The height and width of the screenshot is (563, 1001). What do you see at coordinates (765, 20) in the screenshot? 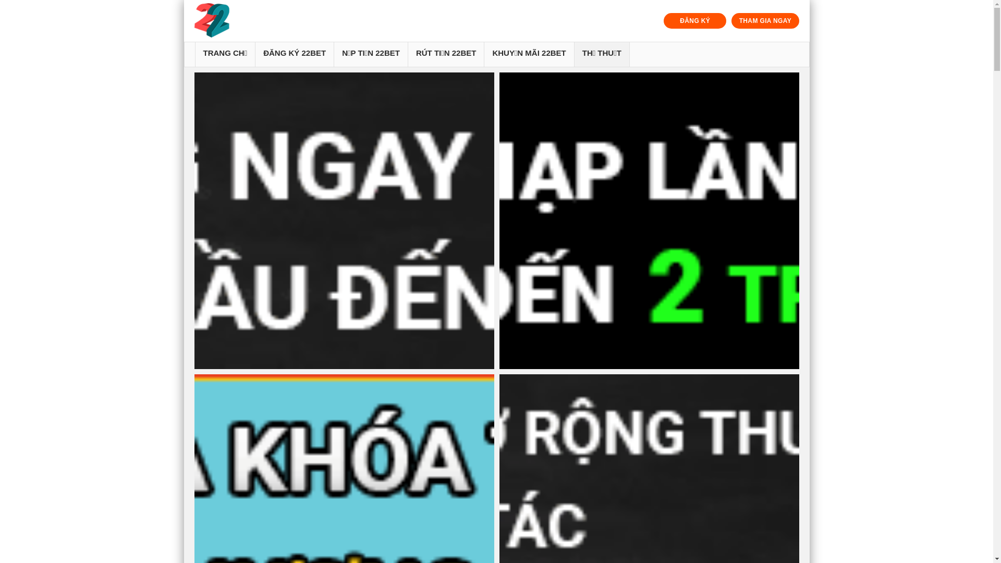
I see `'THAM GIA NGAY'` at bounding box center [765, 20].